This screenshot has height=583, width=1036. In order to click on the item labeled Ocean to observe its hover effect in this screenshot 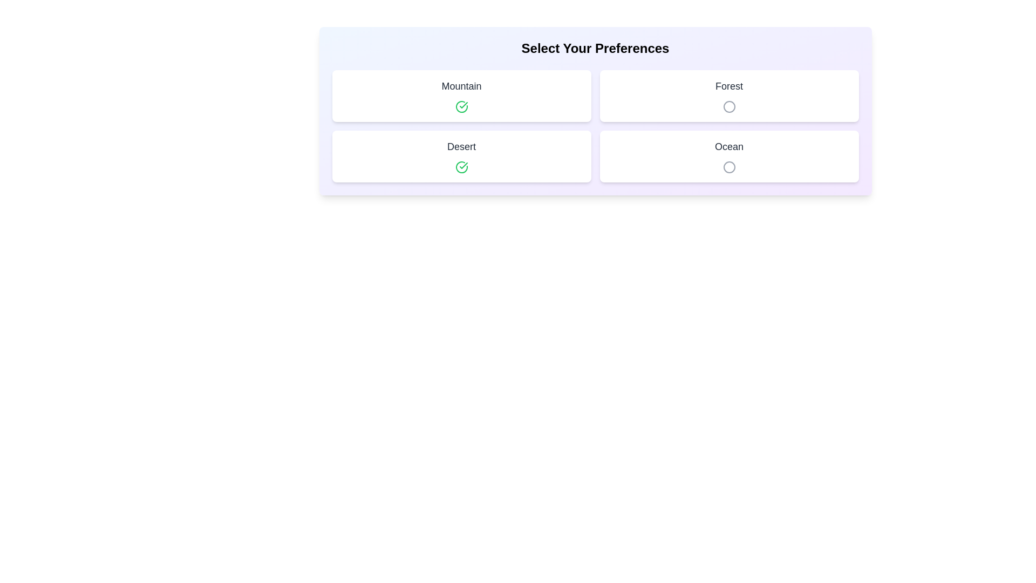, I will do `click(729, 156)`.